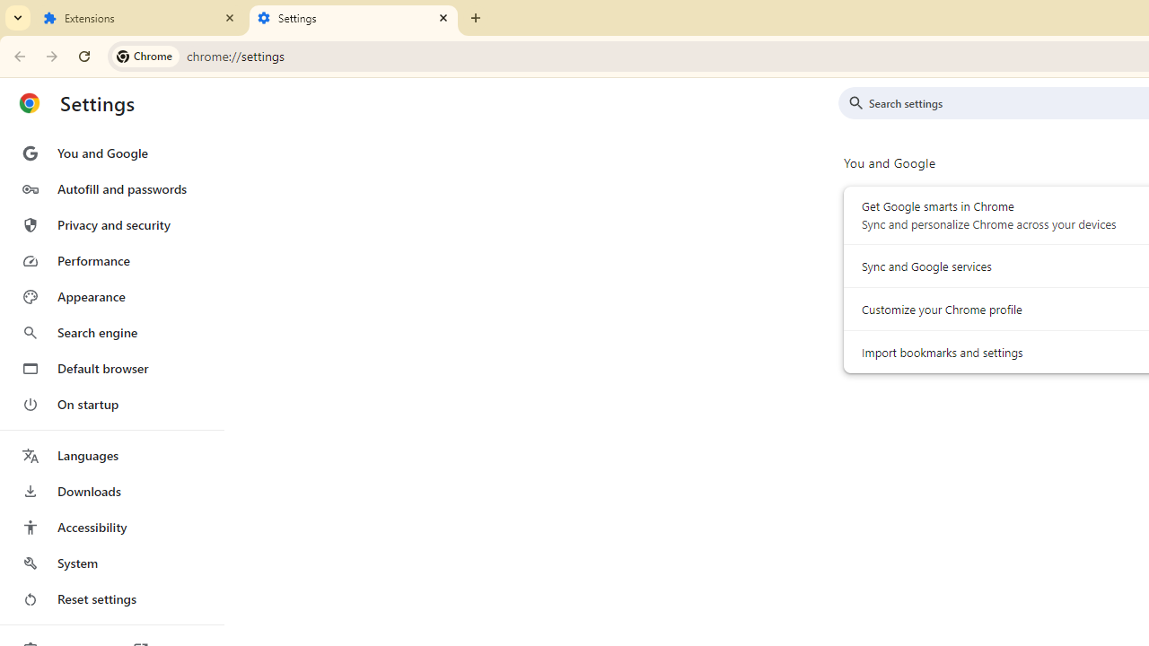 This screenshot has width=1149, height=646. What do you see at coordinates (354, 18) in the screenshot?
I see `'Settings'` at bounding box center [354, 18].